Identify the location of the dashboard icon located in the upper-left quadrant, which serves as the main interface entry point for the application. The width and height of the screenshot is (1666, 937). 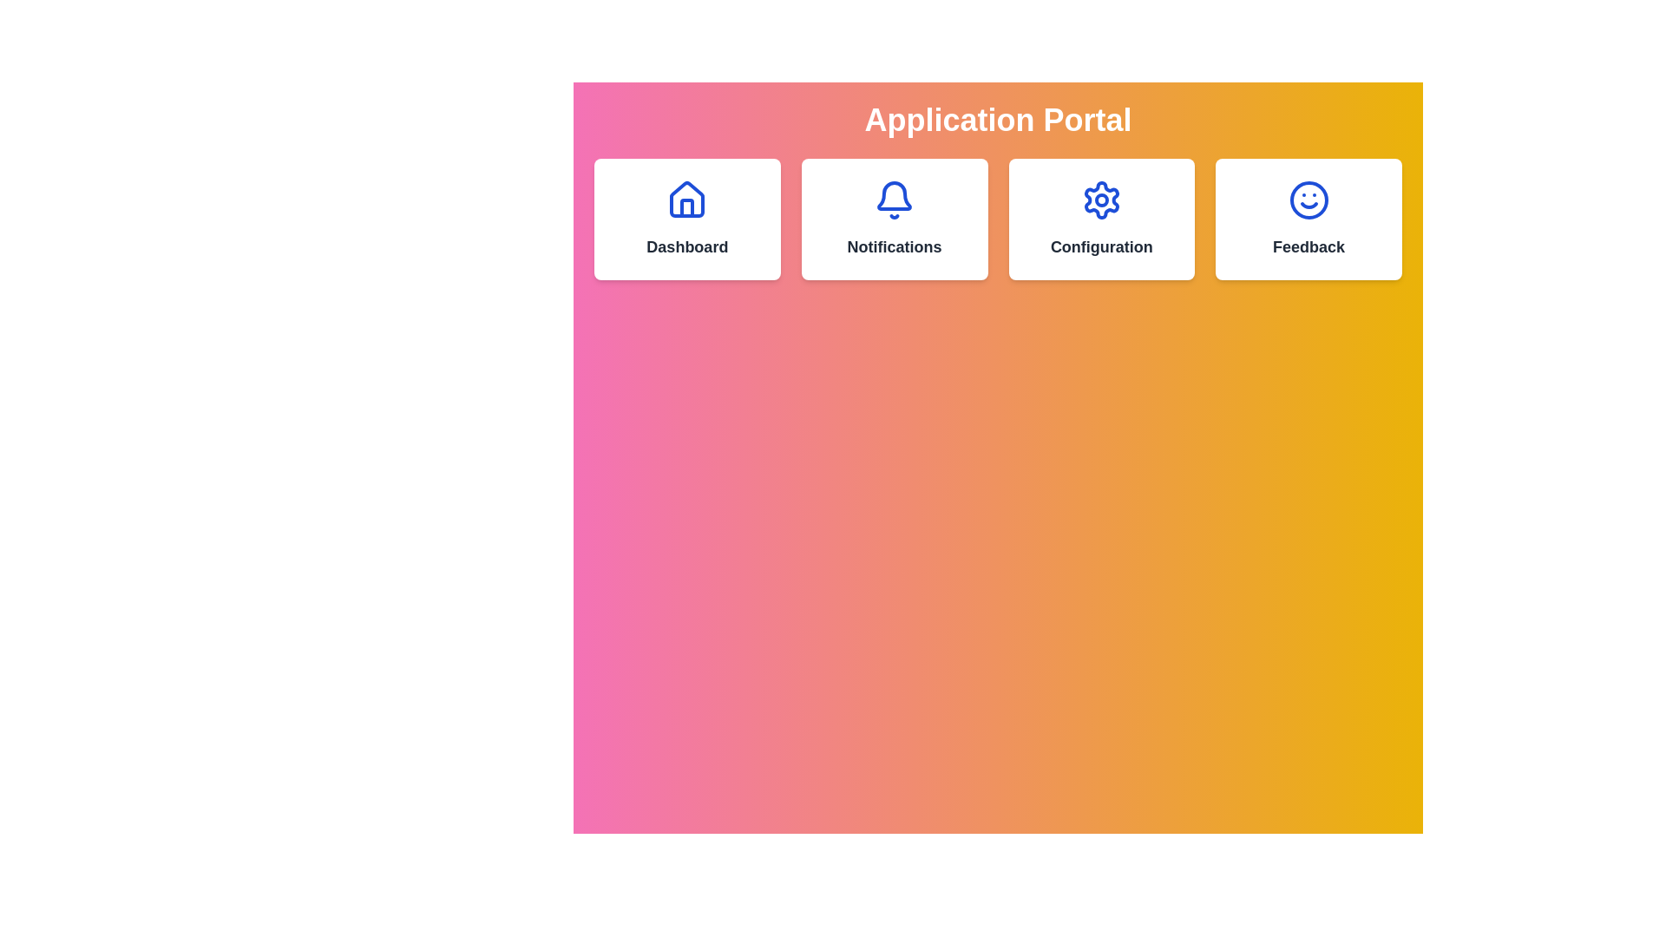
(686, 200).